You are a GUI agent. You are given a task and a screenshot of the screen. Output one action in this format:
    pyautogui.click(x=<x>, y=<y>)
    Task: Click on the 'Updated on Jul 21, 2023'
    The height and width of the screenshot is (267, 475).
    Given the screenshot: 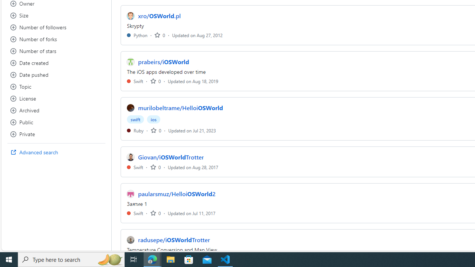 What is the action you would take?
    pyautogui.click(x=192, y=130)
    